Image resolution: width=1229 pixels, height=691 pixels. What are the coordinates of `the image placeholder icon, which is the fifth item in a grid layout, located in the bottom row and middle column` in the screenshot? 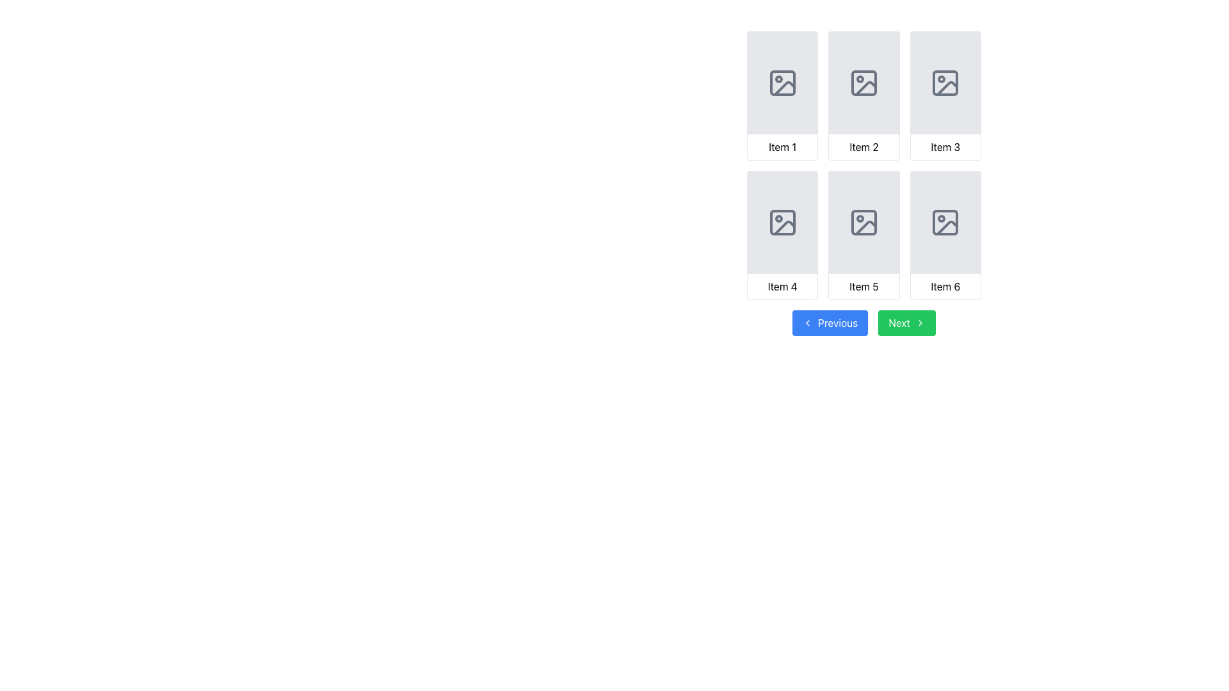 It's located at (864, 221).